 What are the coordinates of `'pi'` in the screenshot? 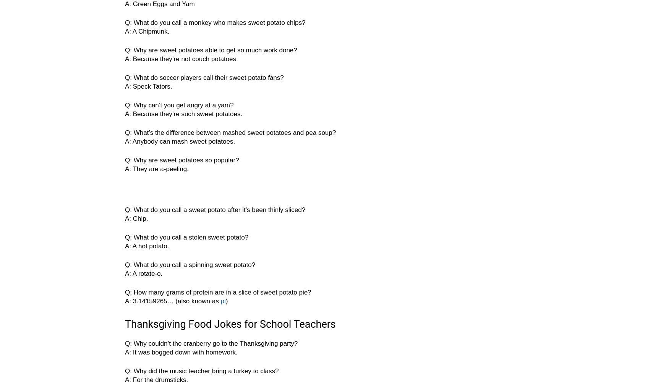 It's located at (222, 301).